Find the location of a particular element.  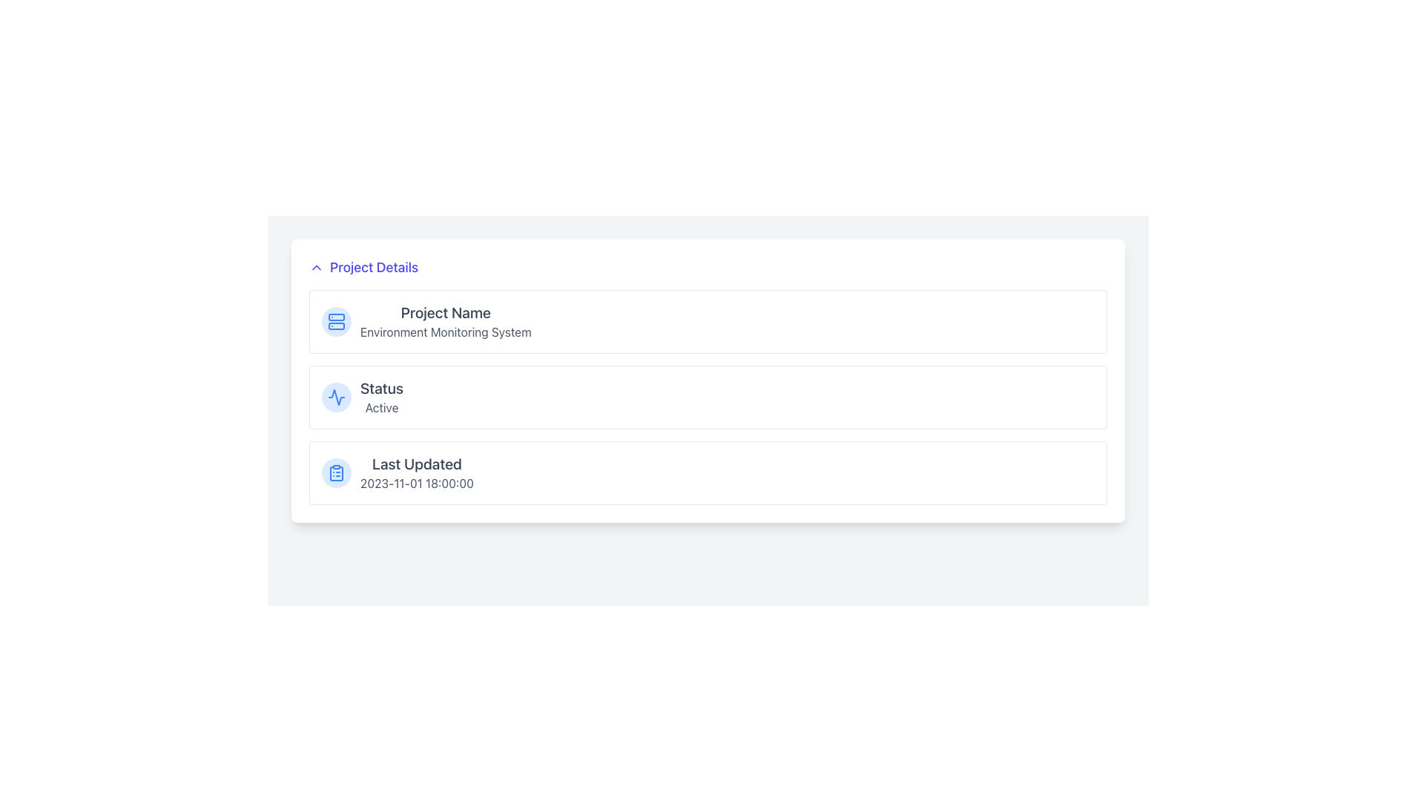

the blue icon resembling an activity waveform in the 'Status' section of the 'Project Details' card is located at coordinates (336, 397).